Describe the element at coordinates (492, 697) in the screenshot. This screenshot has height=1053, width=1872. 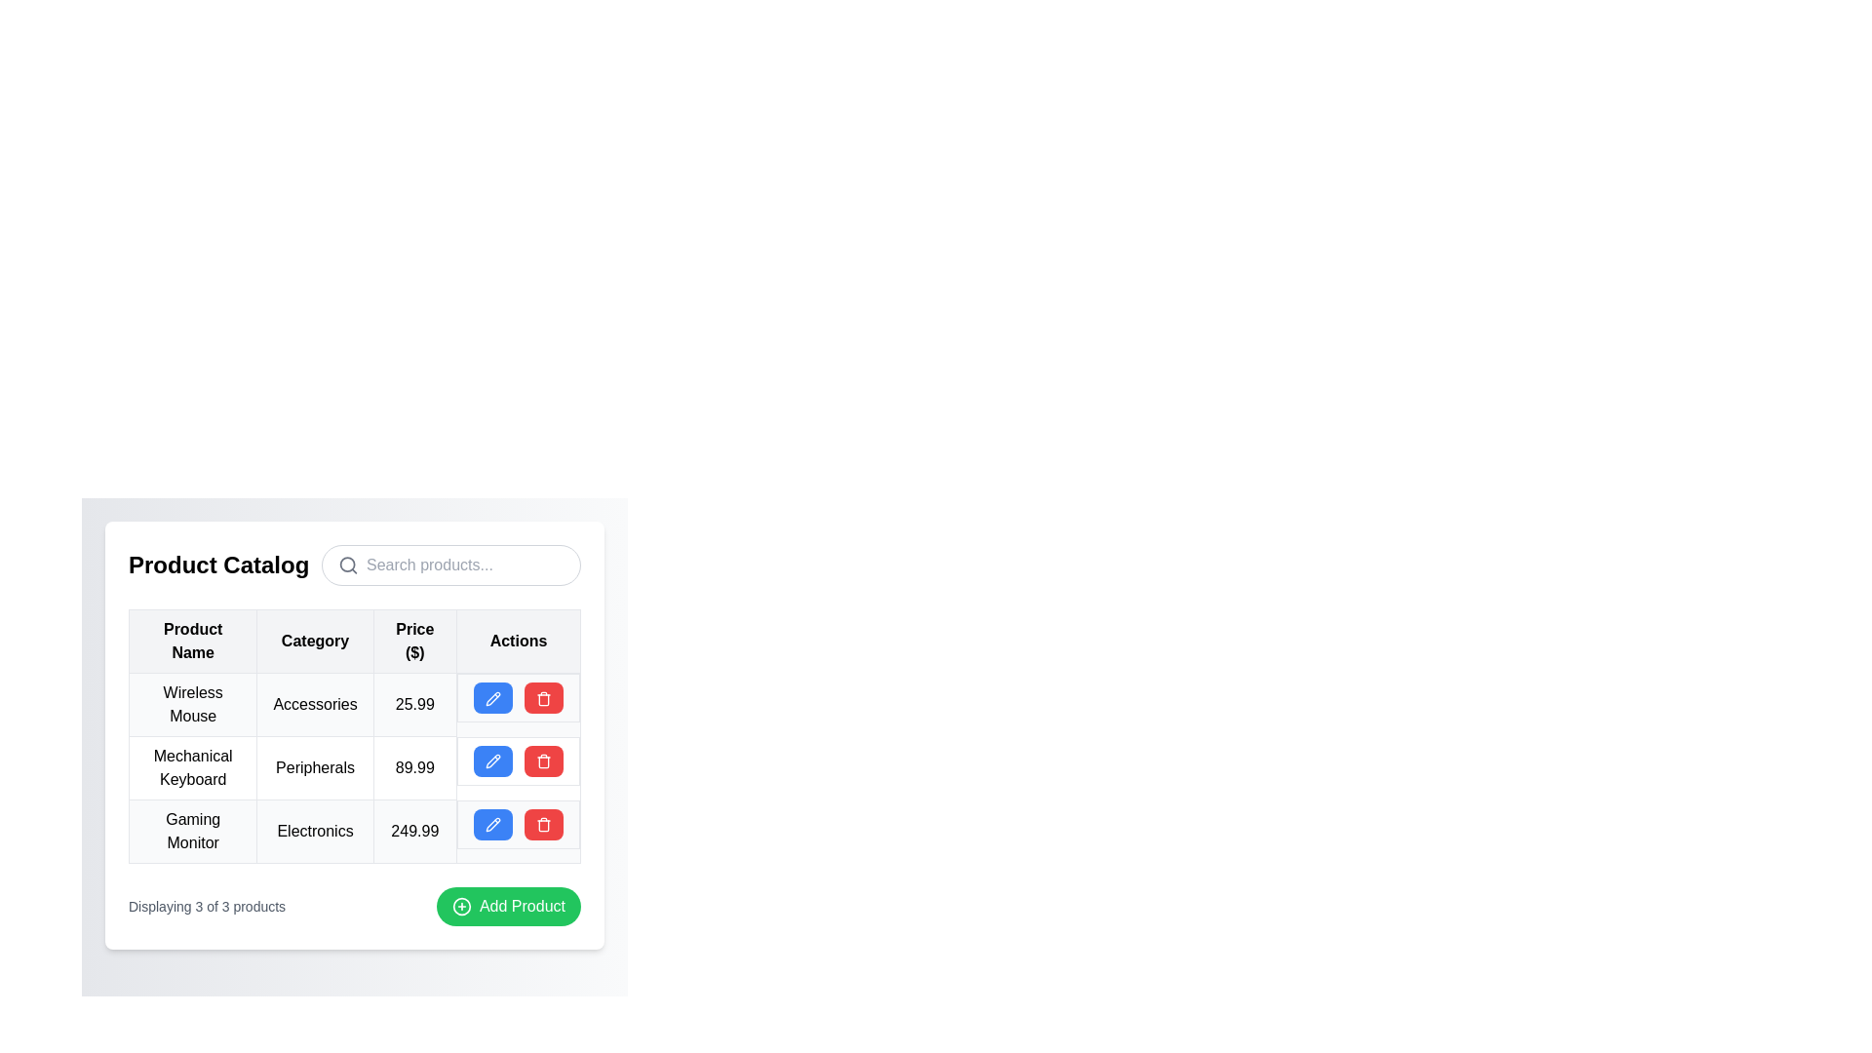
I see `the edit icon located in the 'Actions' column of the product catalog table for the 'Mechanical Keyboard' product to initiate editing` at that location.